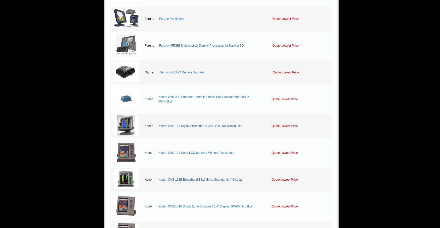  I want to click on 'Garmin', so click(149, 72).